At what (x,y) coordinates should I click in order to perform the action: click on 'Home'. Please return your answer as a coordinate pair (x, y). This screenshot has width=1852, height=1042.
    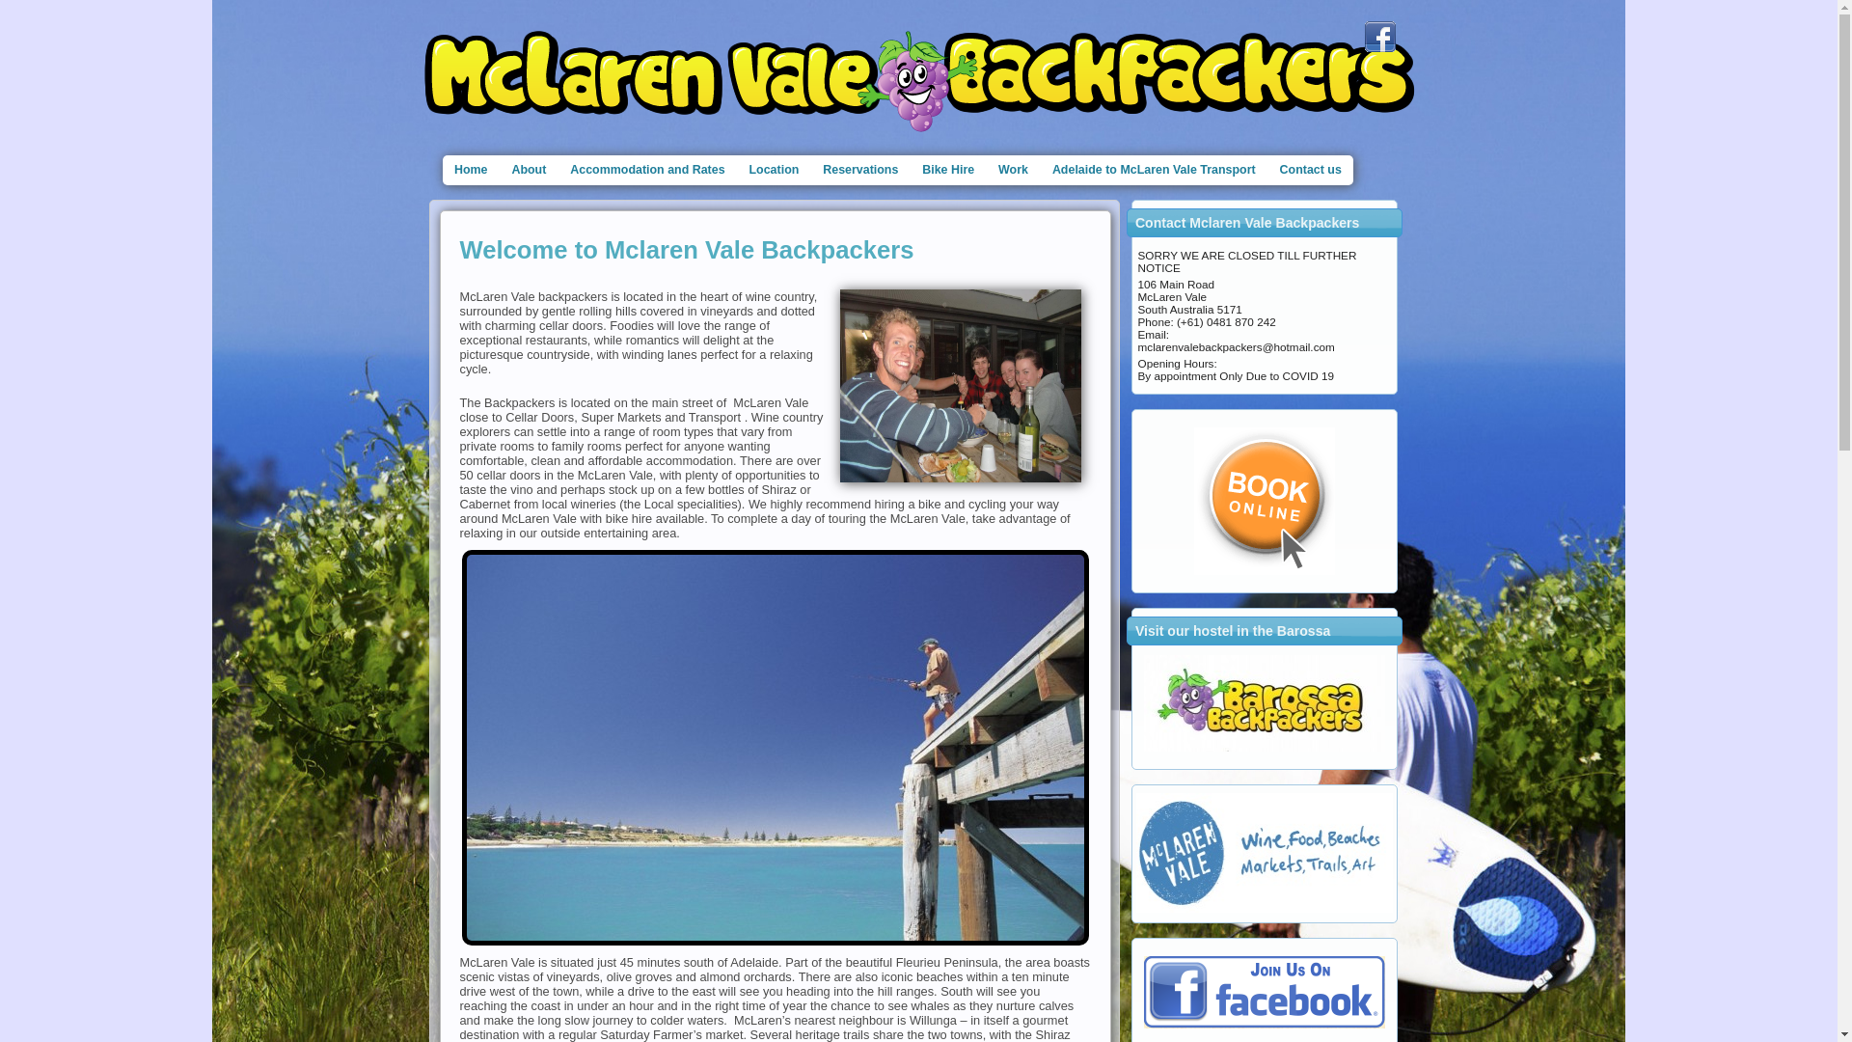
    Looking at the image, I should click on (470, 169).